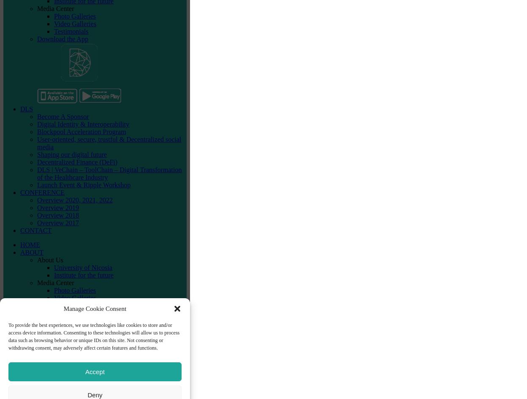 Image resolution: width=527 pixels, height=399 pixels. I want to click on 'Blockpool Acceleration Program', so click(81, 131).